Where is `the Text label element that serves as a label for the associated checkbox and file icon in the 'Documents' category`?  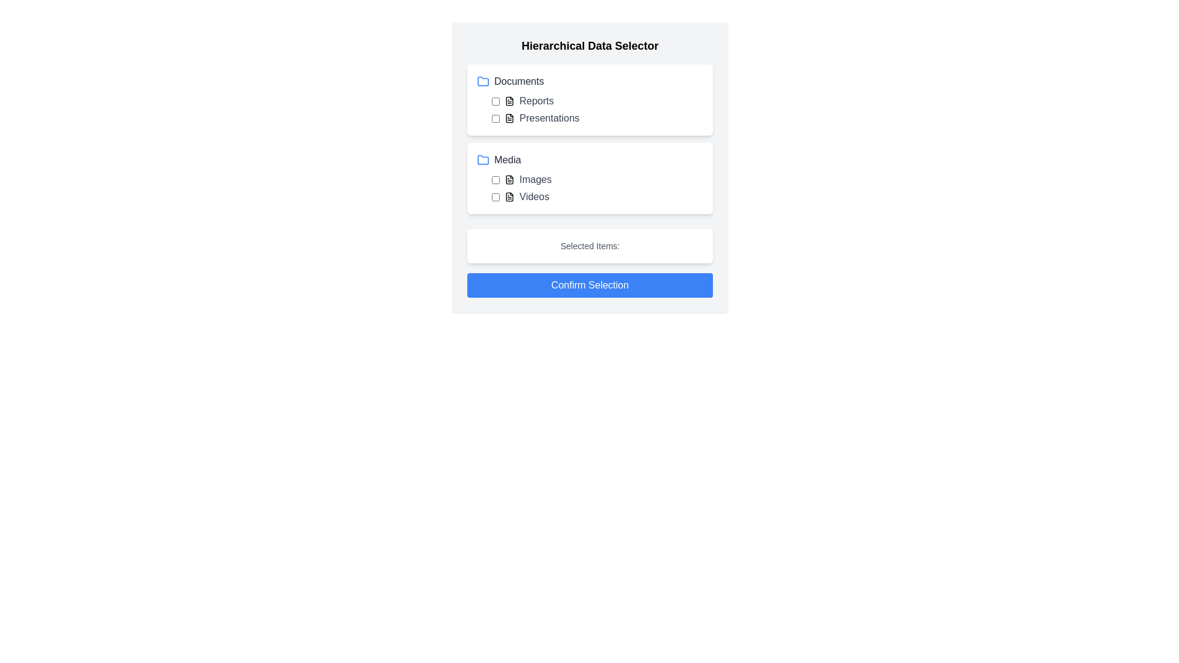 the Text label element that serves as a label for the associated checkbox and file icon in the 'Documents' category is located at coordinates (536, 101).